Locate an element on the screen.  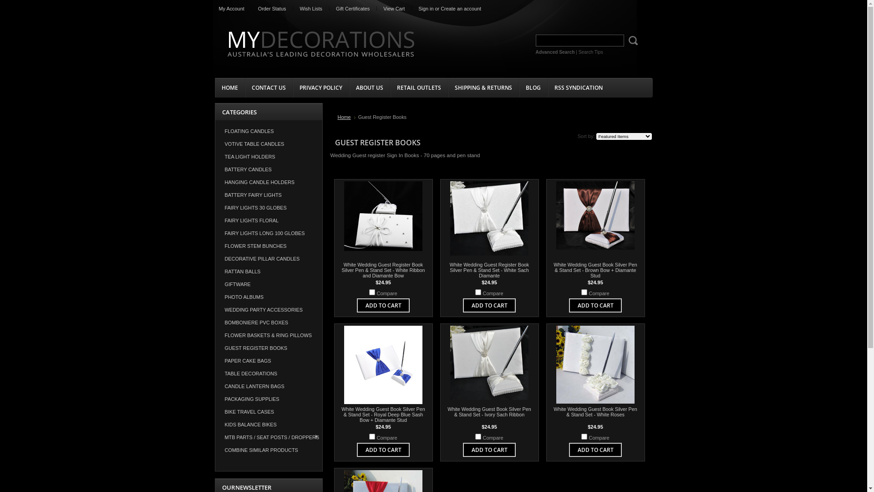
'CONTACT US' is located at coordinates (268, 87).